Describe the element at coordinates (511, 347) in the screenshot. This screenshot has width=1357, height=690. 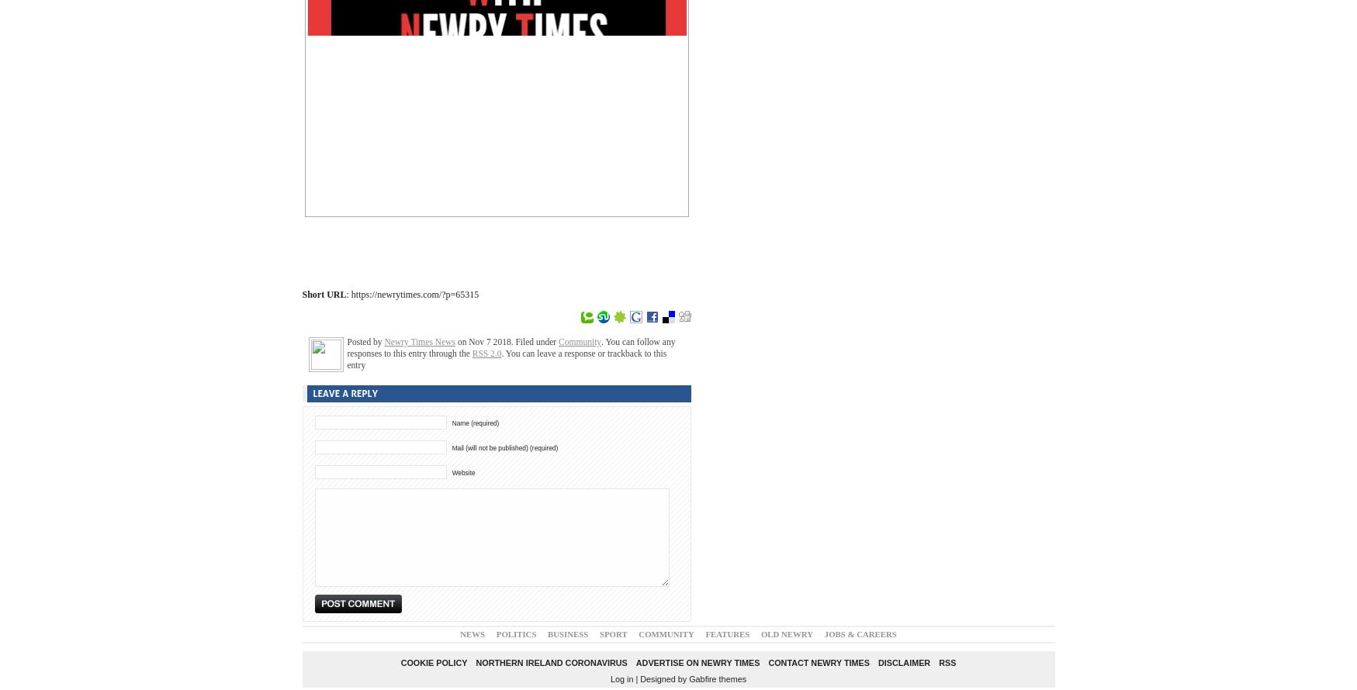
I see `'.
					You can follow any responses to this entry through the'` at that location.